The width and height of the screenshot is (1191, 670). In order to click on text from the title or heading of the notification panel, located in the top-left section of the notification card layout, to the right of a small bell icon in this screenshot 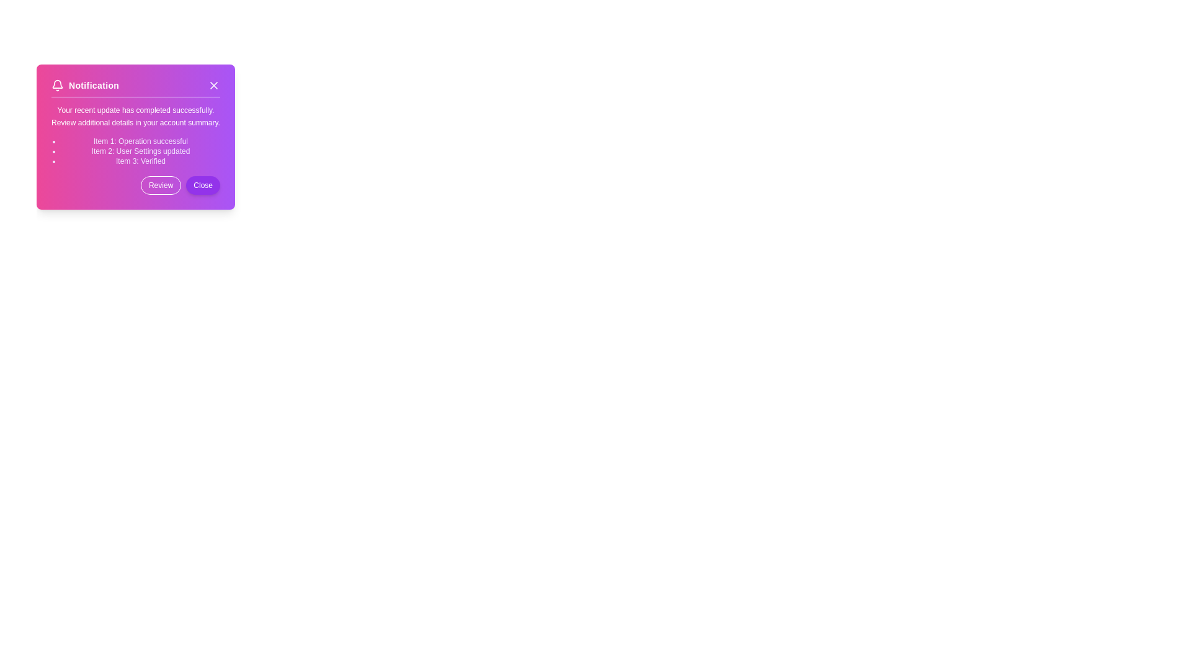, I will do `click(93, 85)`.